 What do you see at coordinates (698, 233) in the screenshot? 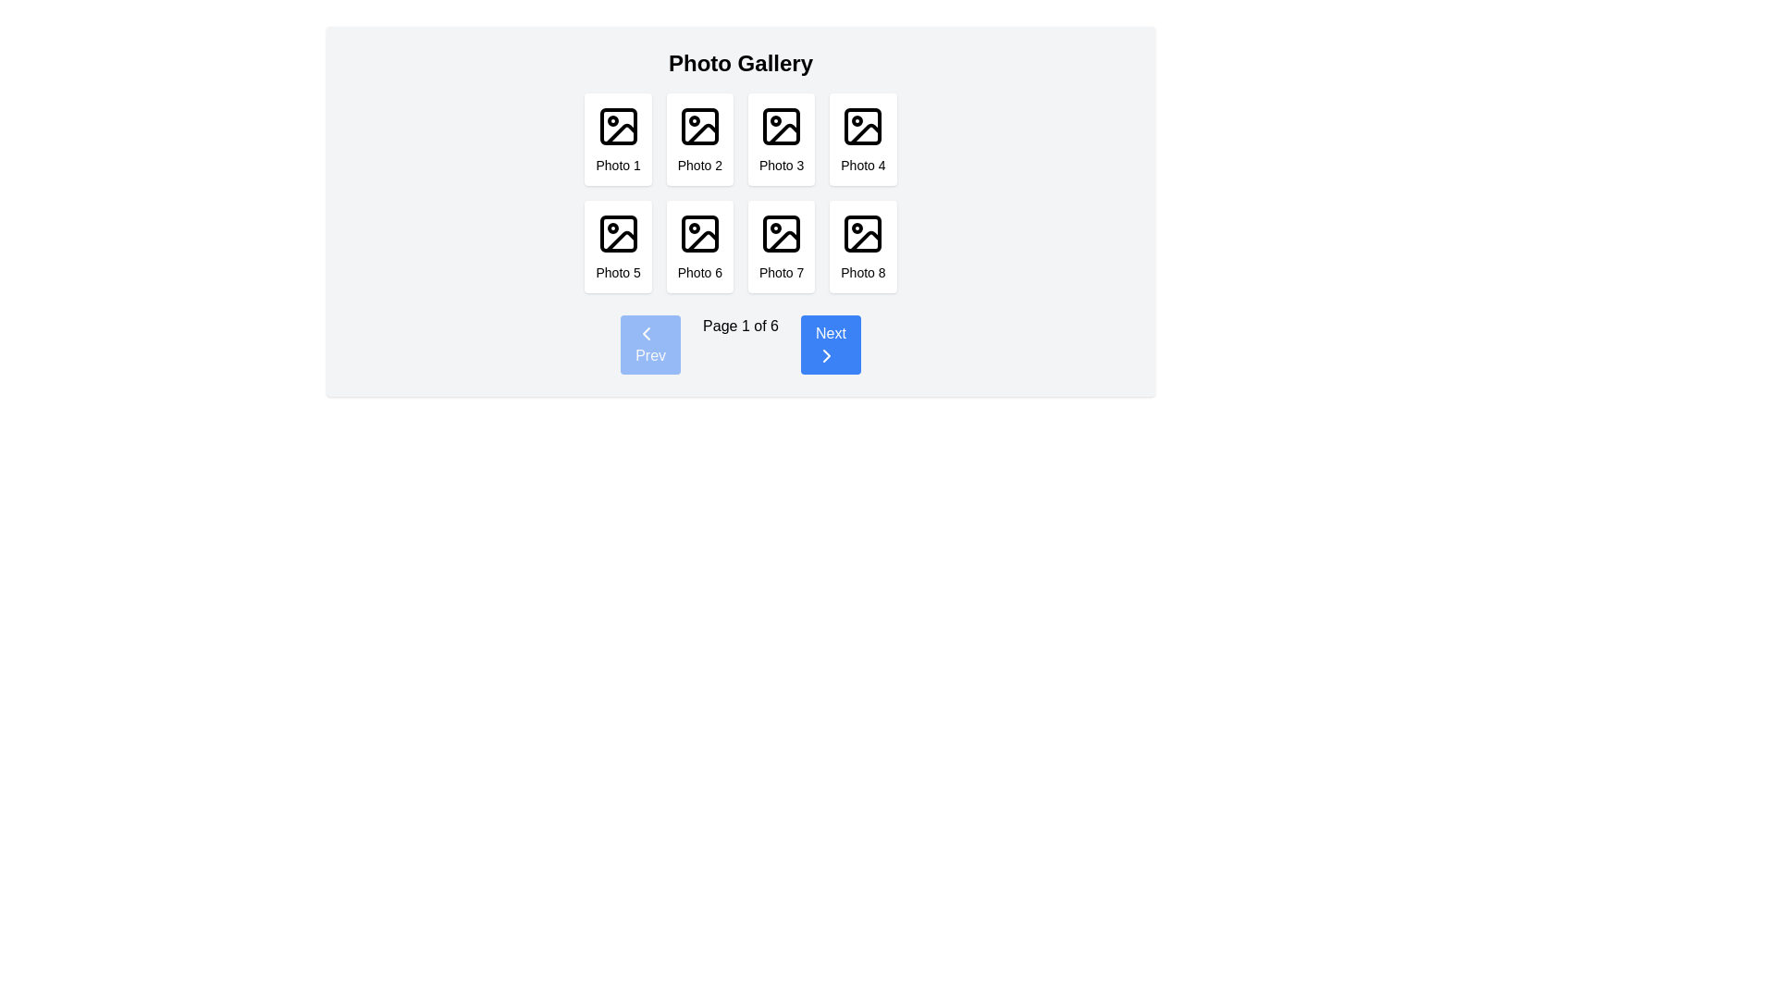
I see `the top-left rounded rectangle inside the sixth icon in the photo gallery grid, located in the second row, second element` at bounding box center [698, 233].